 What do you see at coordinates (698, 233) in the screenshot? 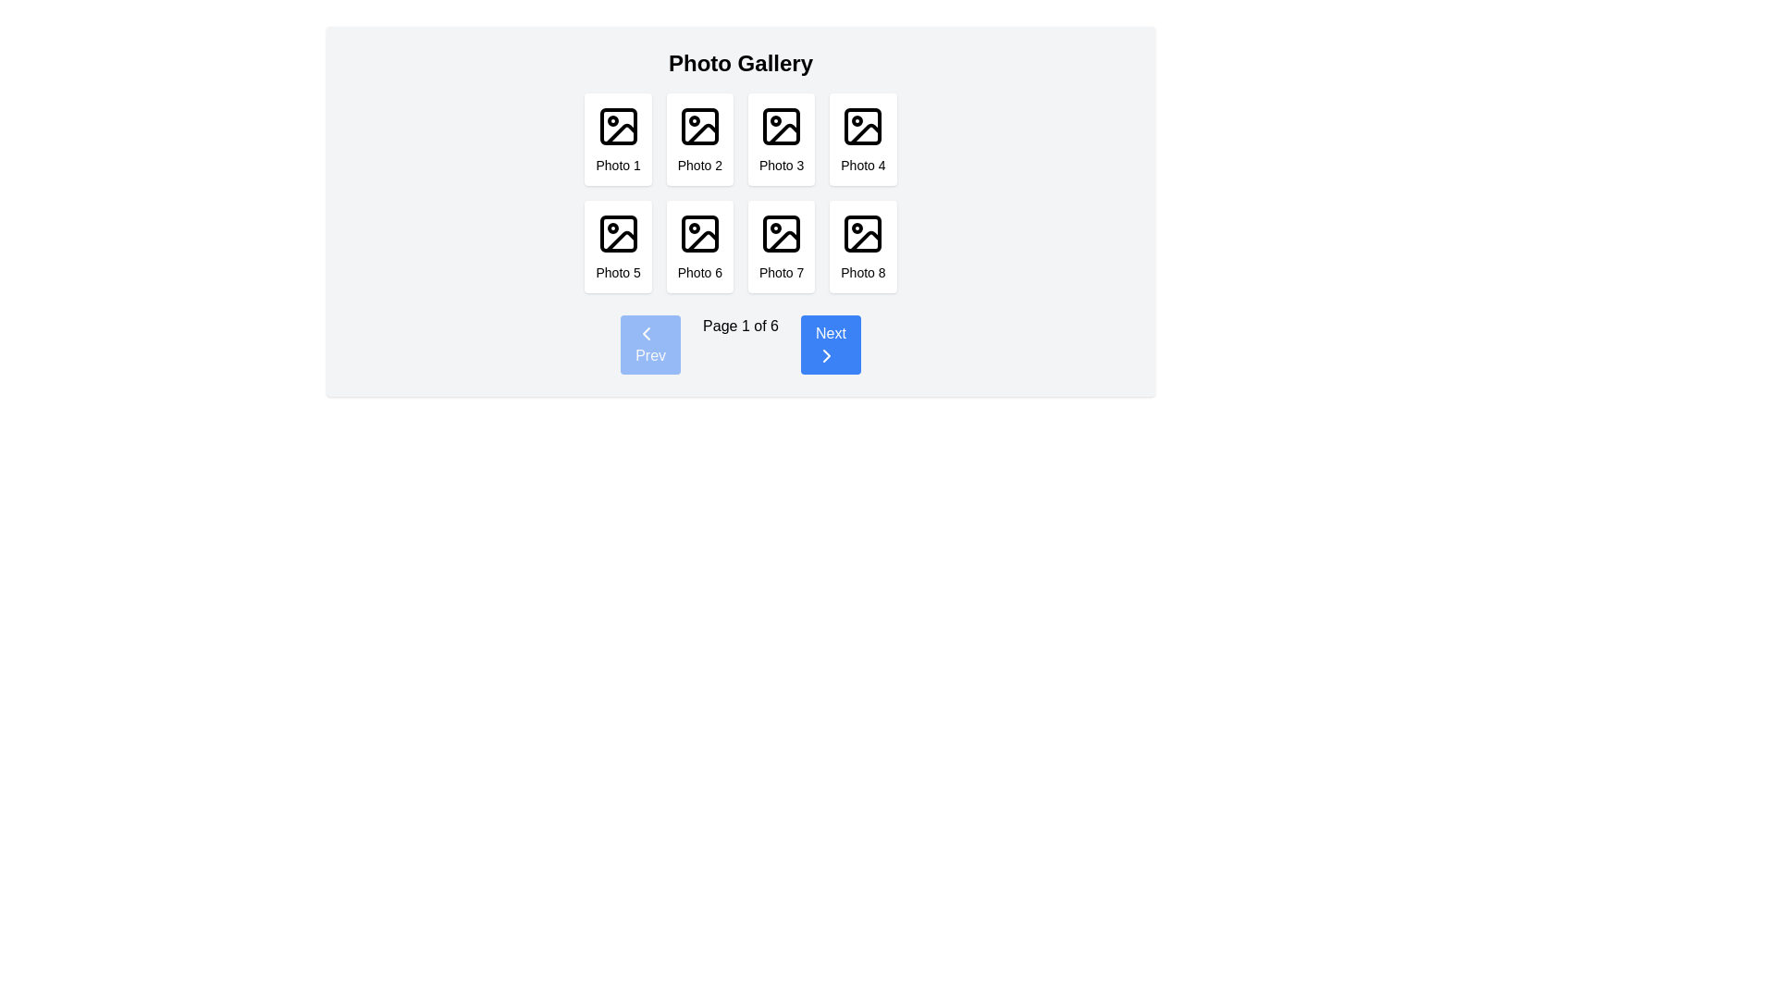
I see `the top-left rounded rectangle inside the sixth icon in the photo gallery grid, located in the second row, second element` at bounding box center [698, 233].